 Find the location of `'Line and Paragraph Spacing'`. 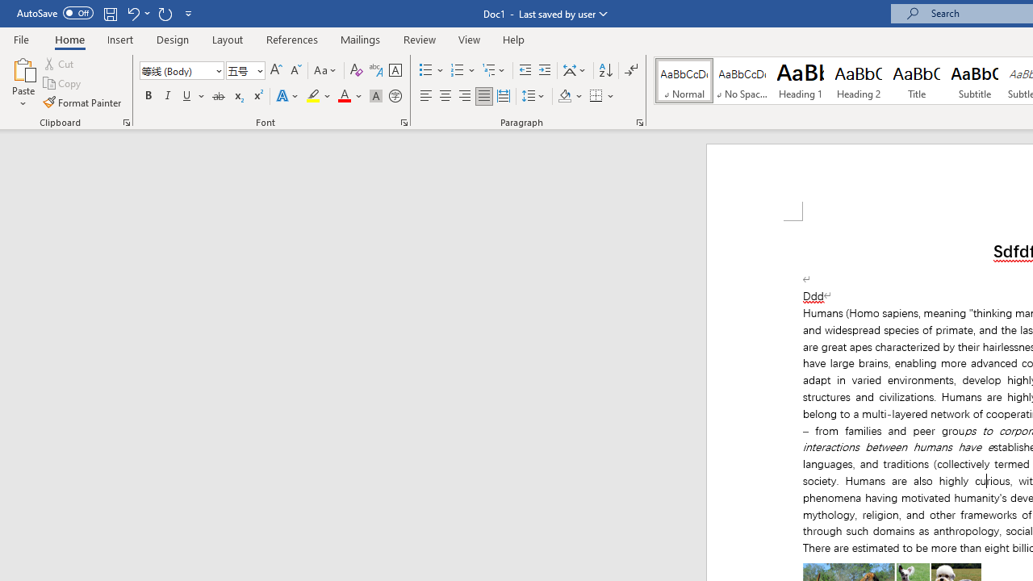

'Line and Paragraph Spacing' is located at coordinates (533, 96).